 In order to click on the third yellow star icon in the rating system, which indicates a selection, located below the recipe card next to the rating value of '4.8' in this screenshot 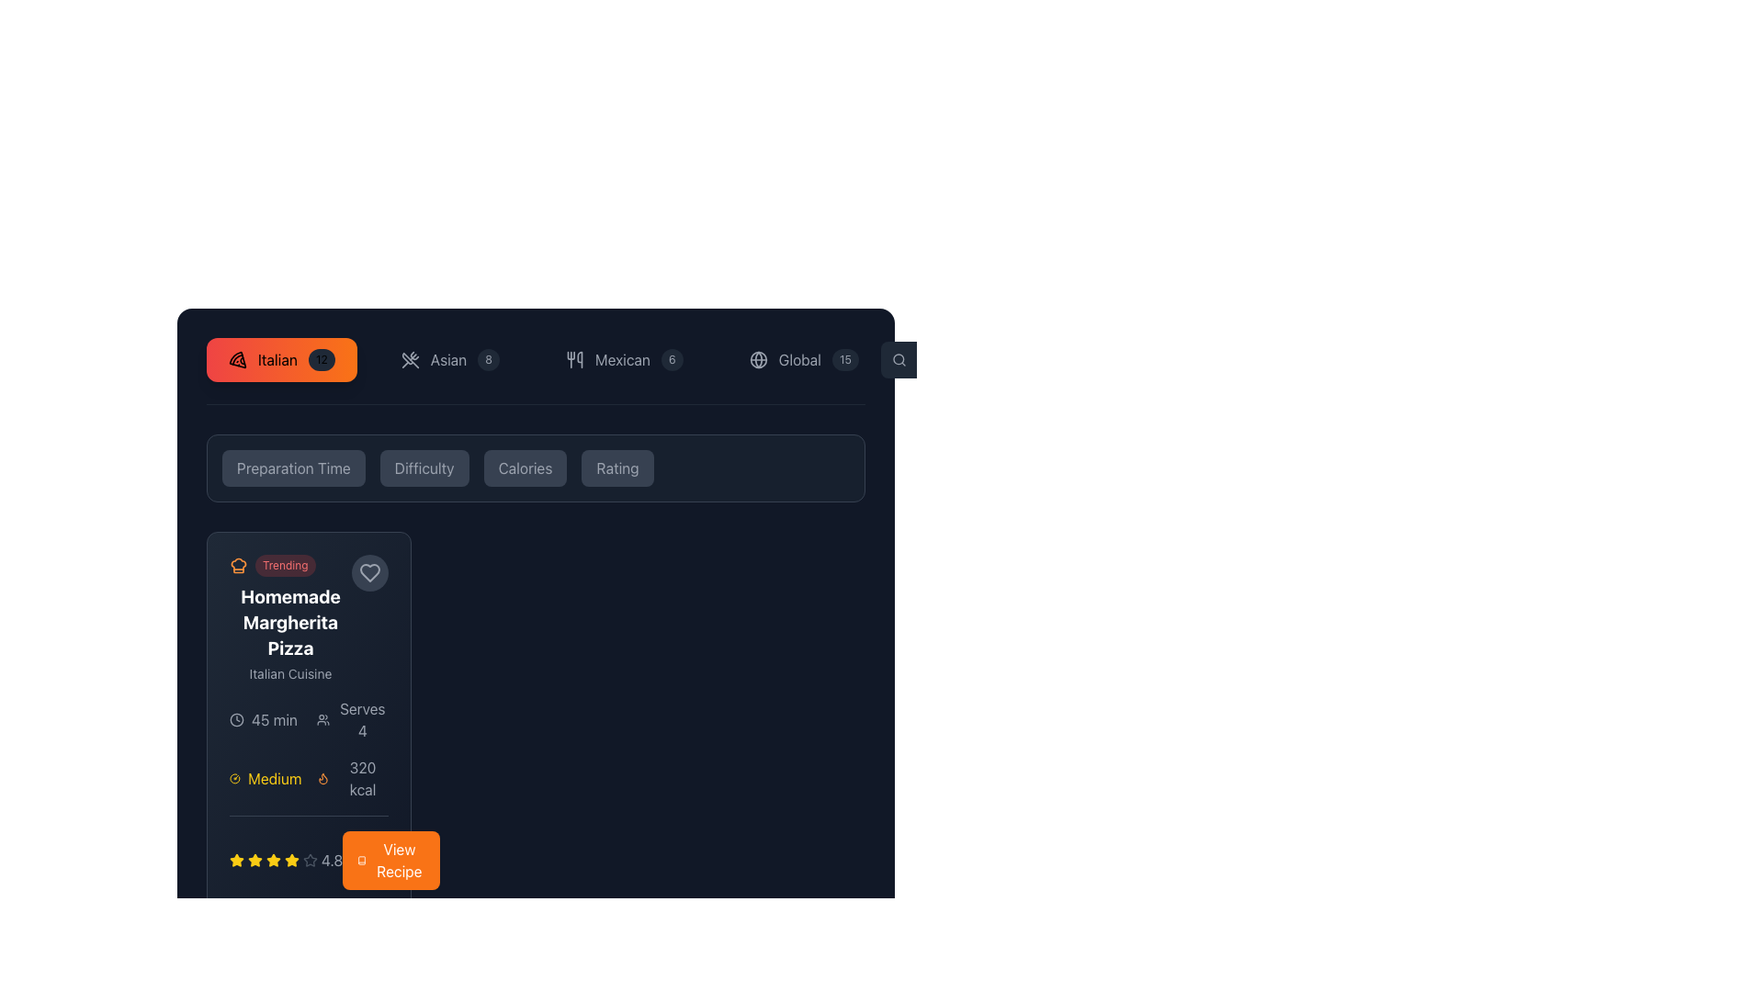, I will do `click(254, 861)`.